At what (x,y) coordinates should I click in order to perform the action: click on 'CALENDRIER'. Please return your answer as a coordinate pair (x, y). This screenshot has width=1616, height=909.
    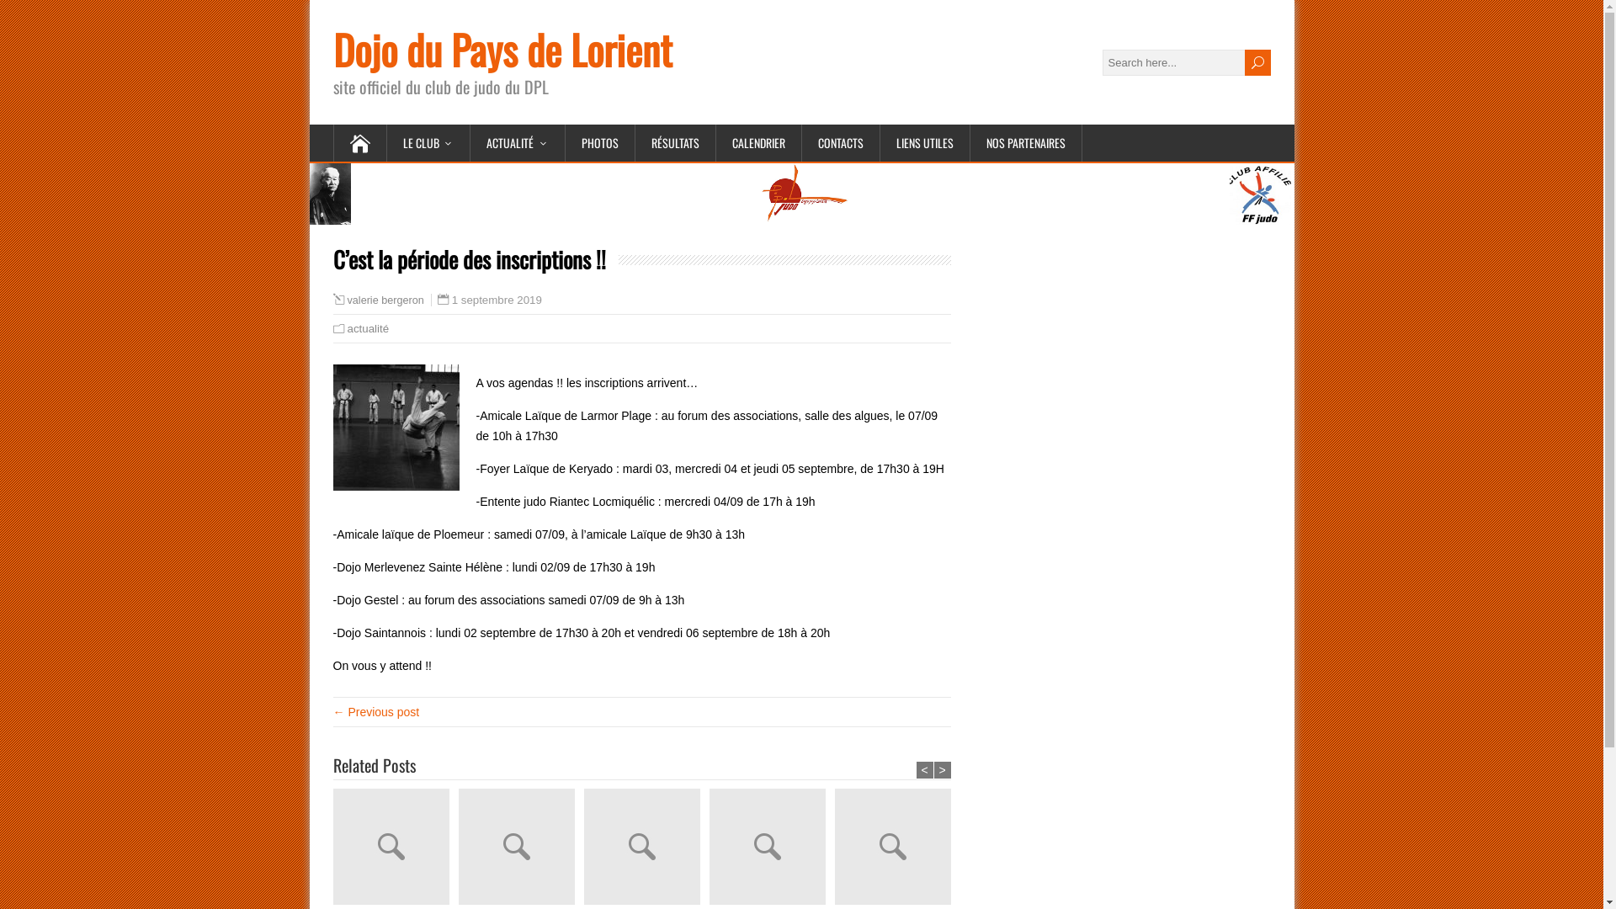
    Looking at the image, I should click on (715, 141).